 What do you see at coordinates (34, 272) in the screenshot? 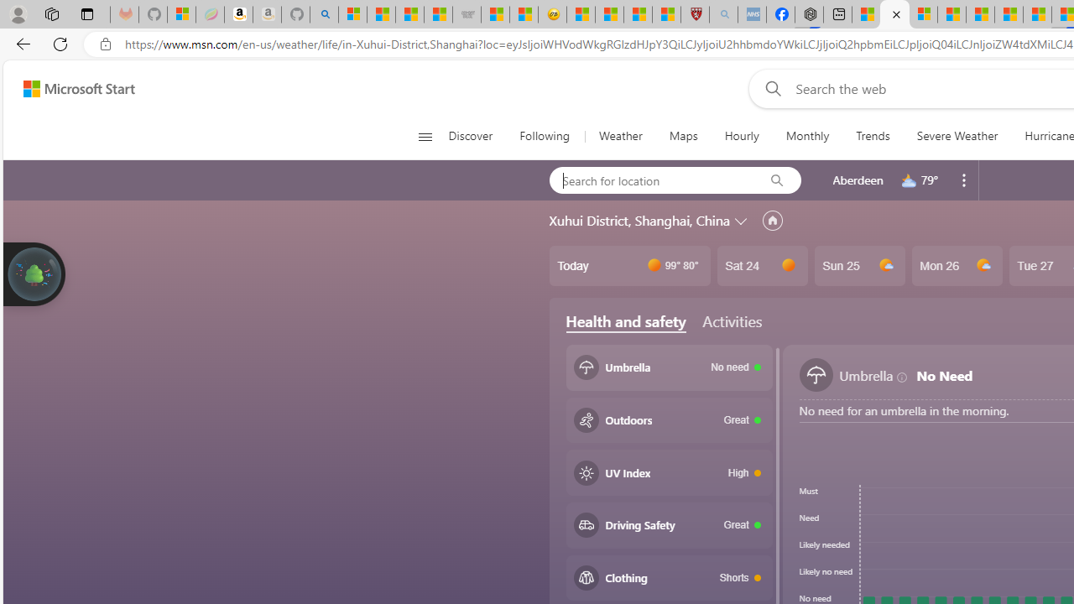
I see `'Join us in planting real trees to help our planet!'` at bounding box center [34, 272].